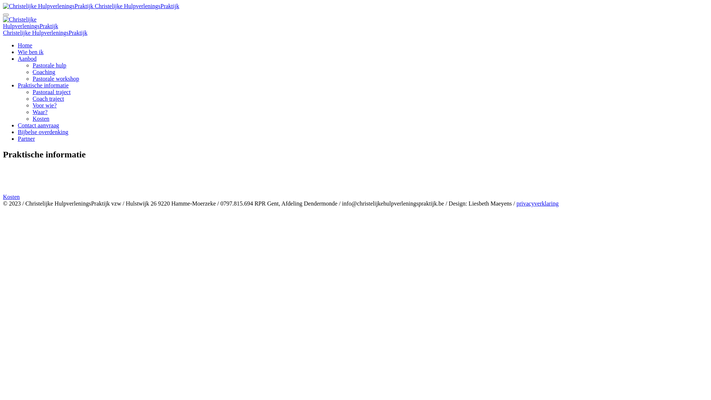 Image resolution: width=711 pixels, height=400 pixels. I want to click on 'Home', so click(18, 45).